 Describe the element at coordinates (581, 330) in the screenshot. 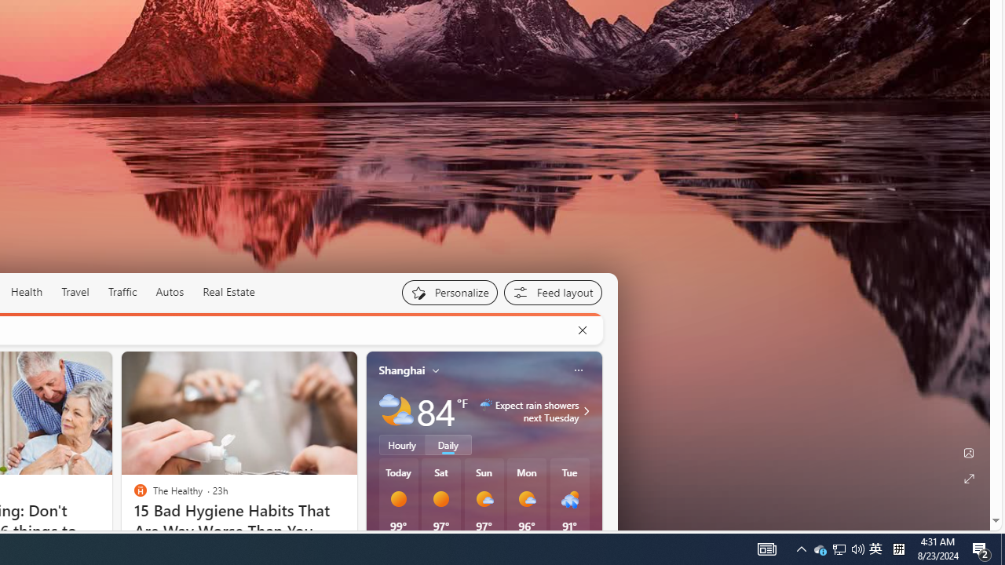

I see `'Cancel'` at that location.